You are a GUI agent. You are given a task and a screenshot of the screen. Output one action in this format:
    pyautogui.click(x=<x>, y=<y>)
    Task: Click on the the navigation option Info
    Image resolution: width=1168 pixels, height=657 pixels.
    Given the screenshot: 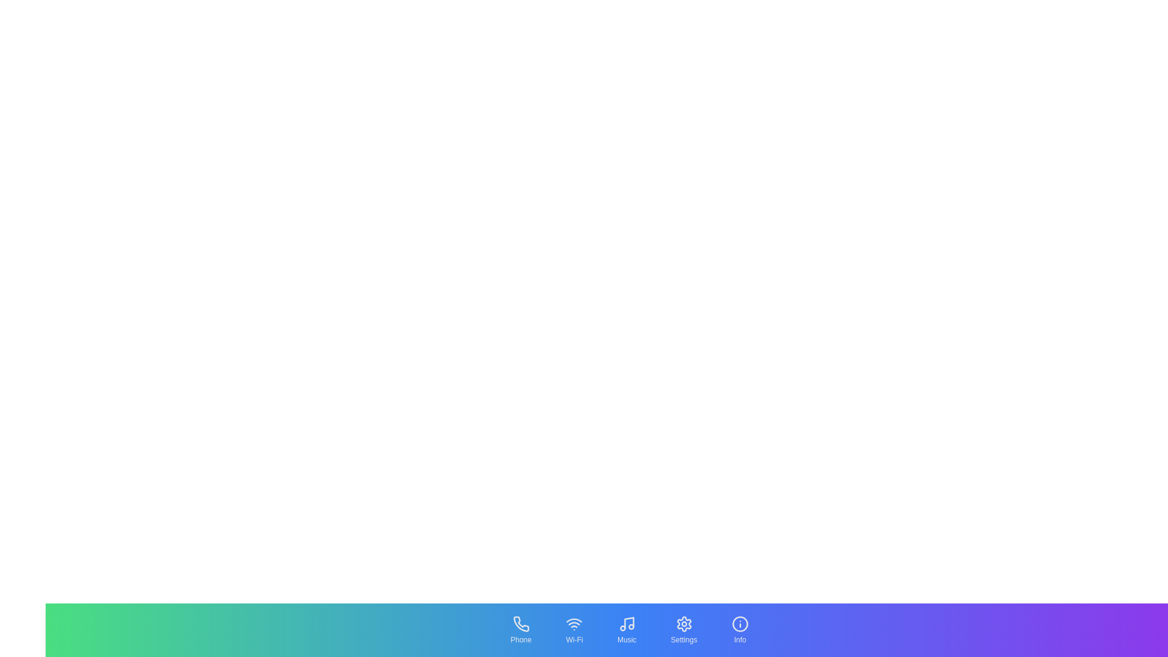 What is the action you would take?
    pyautogui.click(x=739, y=630)
    